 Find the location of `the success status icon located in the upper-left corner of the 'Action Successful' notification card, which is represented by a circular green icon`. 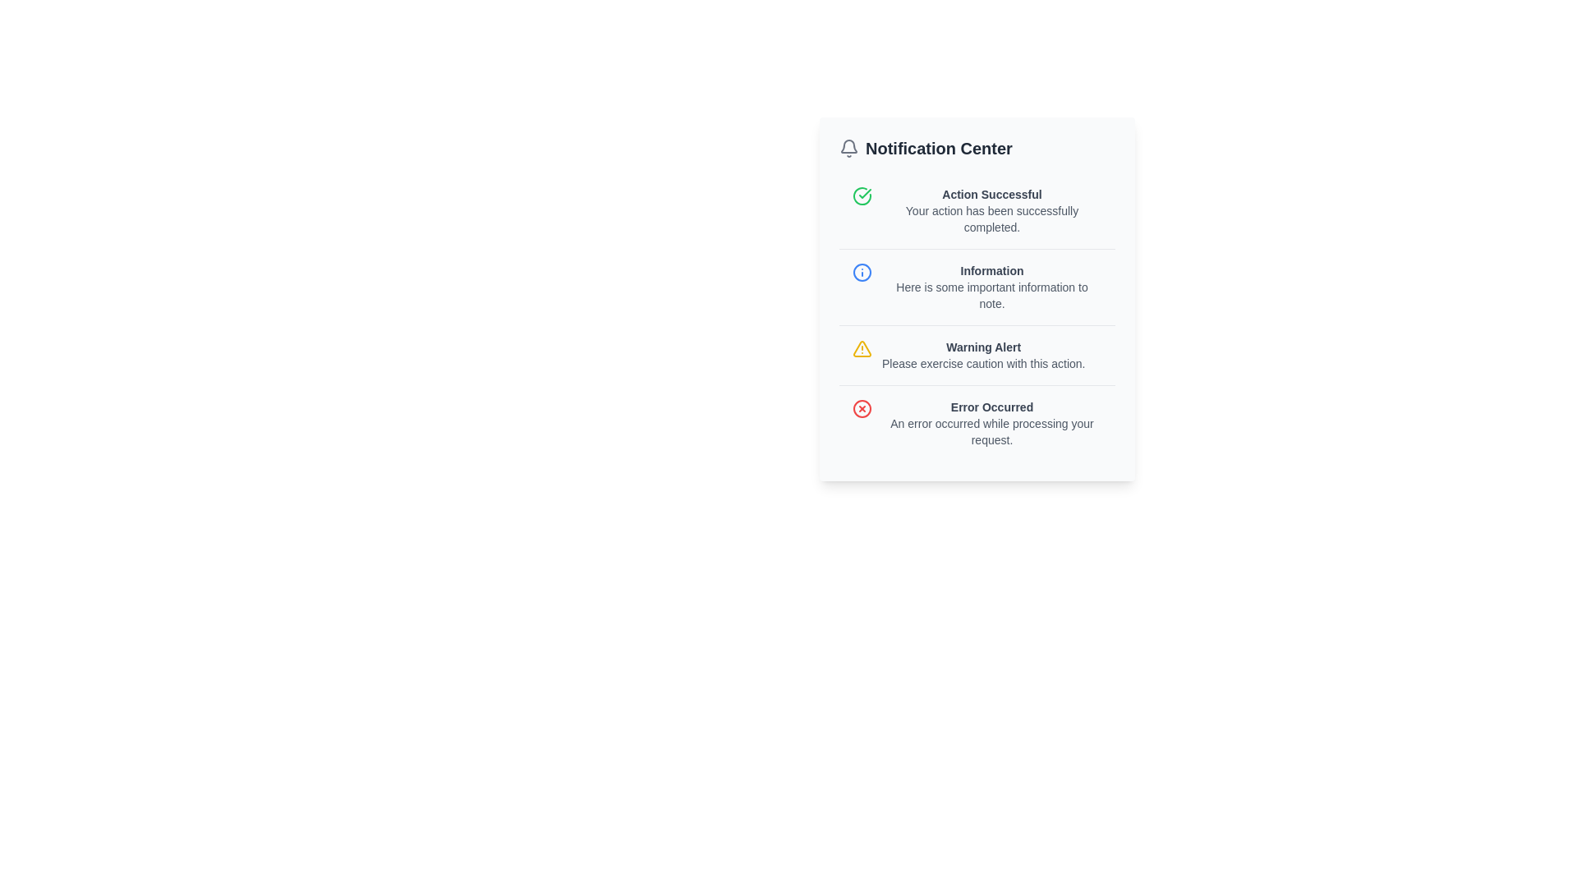

the success status icon located in the upper-left corner of the 'Action Successful' notification card, which is represented by a circular green icon is located at coordinates (864, 192).